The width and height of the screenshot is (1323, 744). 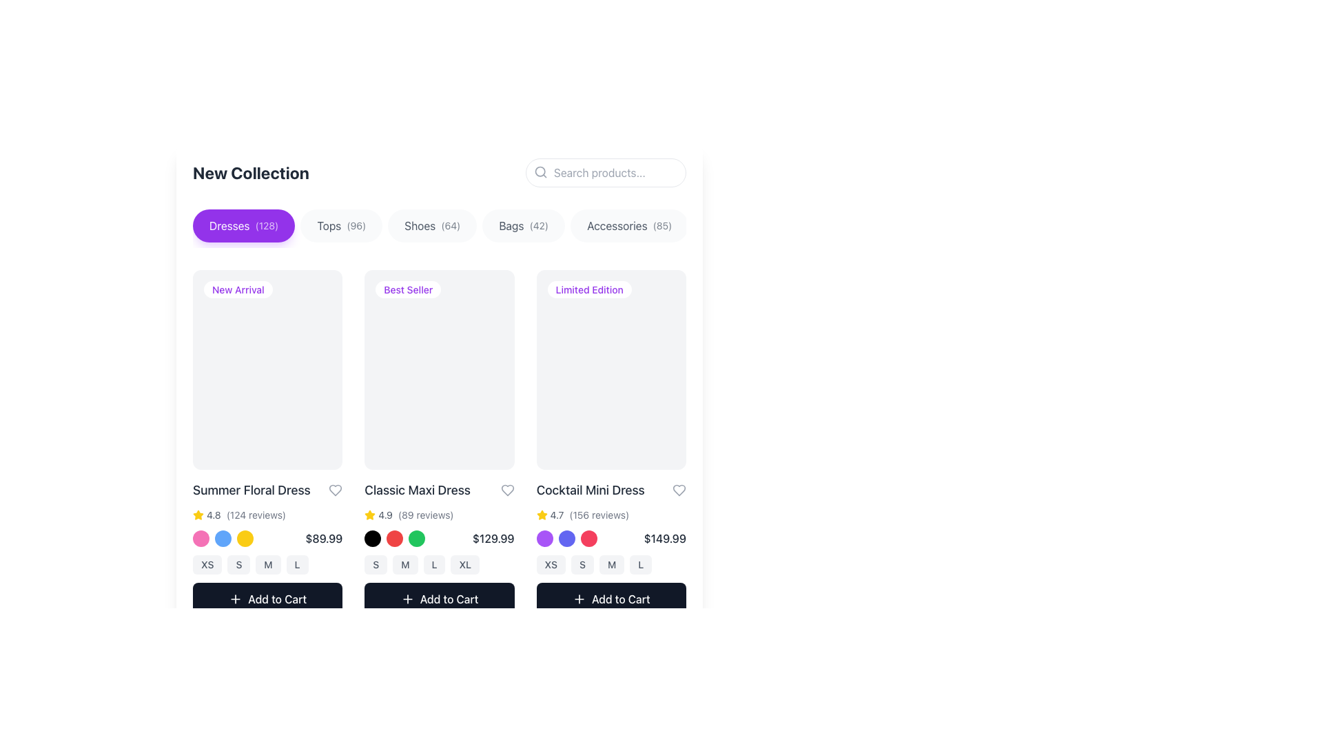 I want to click on the first circular color selection icon, so click(x=544, y=537).